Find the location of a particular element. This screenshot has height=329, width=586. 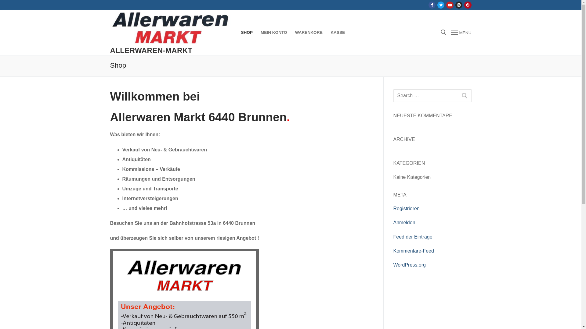

'KASSE' is located at coordinates (337, 33).